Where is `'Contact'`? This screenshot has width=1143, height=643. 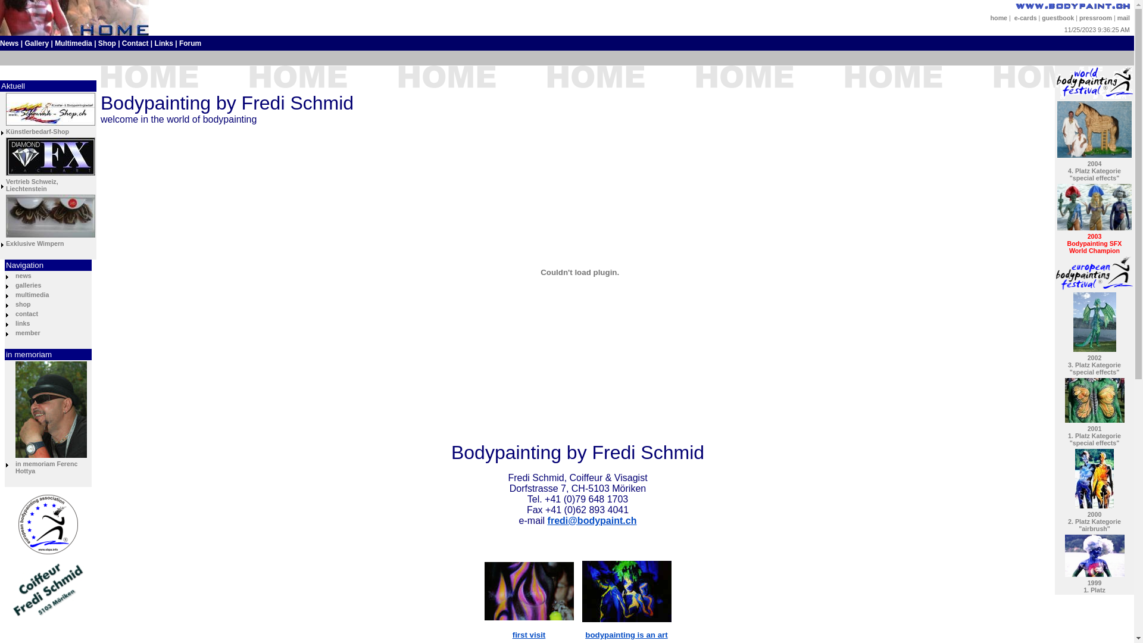 'Contact' is located at coordinates (135, 43).